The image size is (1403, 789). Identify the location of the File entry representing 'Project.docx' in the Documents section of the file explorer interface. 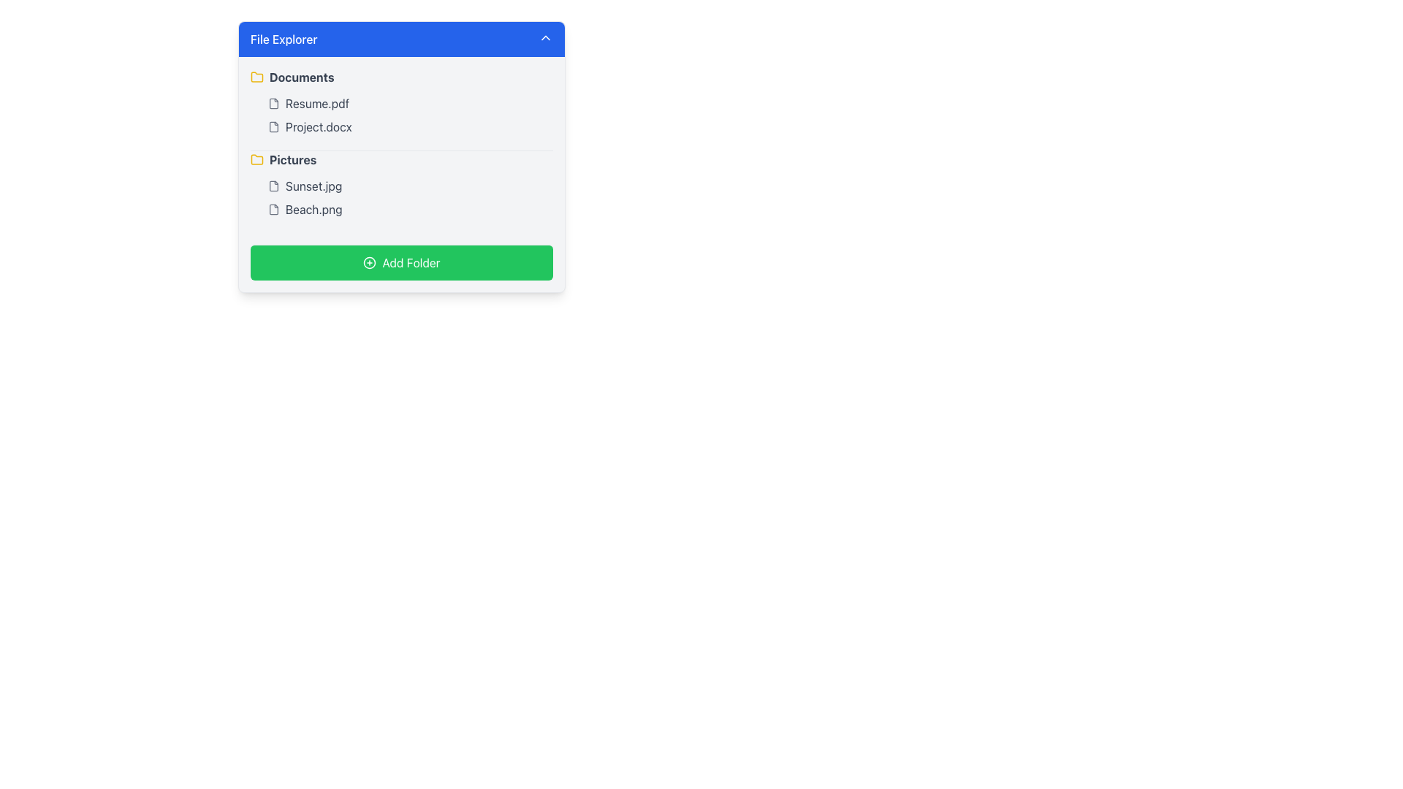
(409, 126).